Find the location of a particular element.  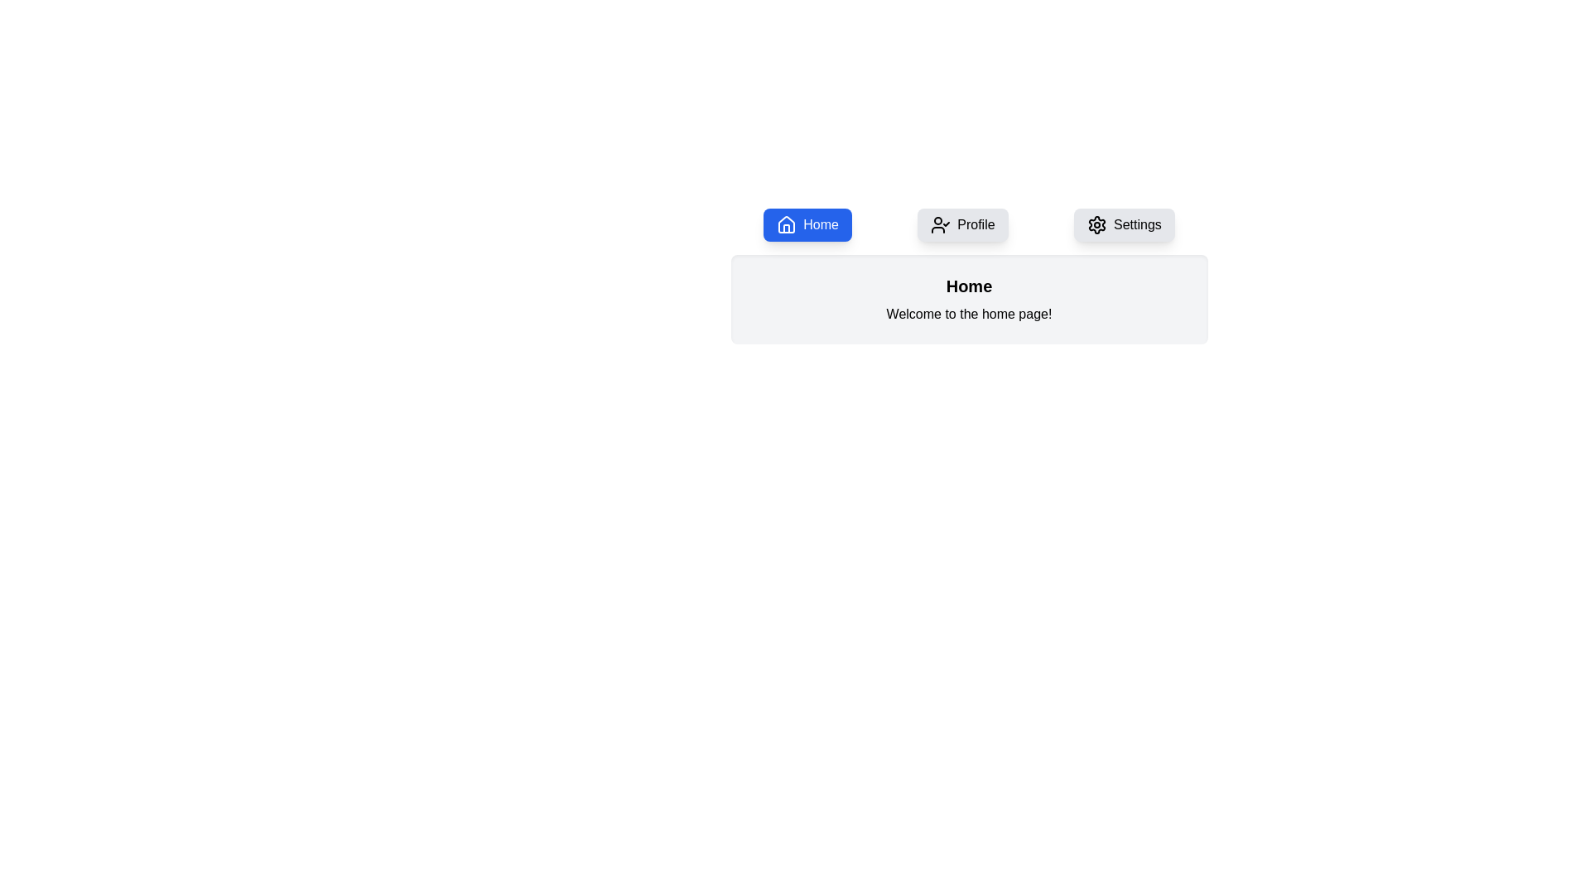

the text 'Welcome to the home page!' in the tab content area is located at coordinates (969, 315).